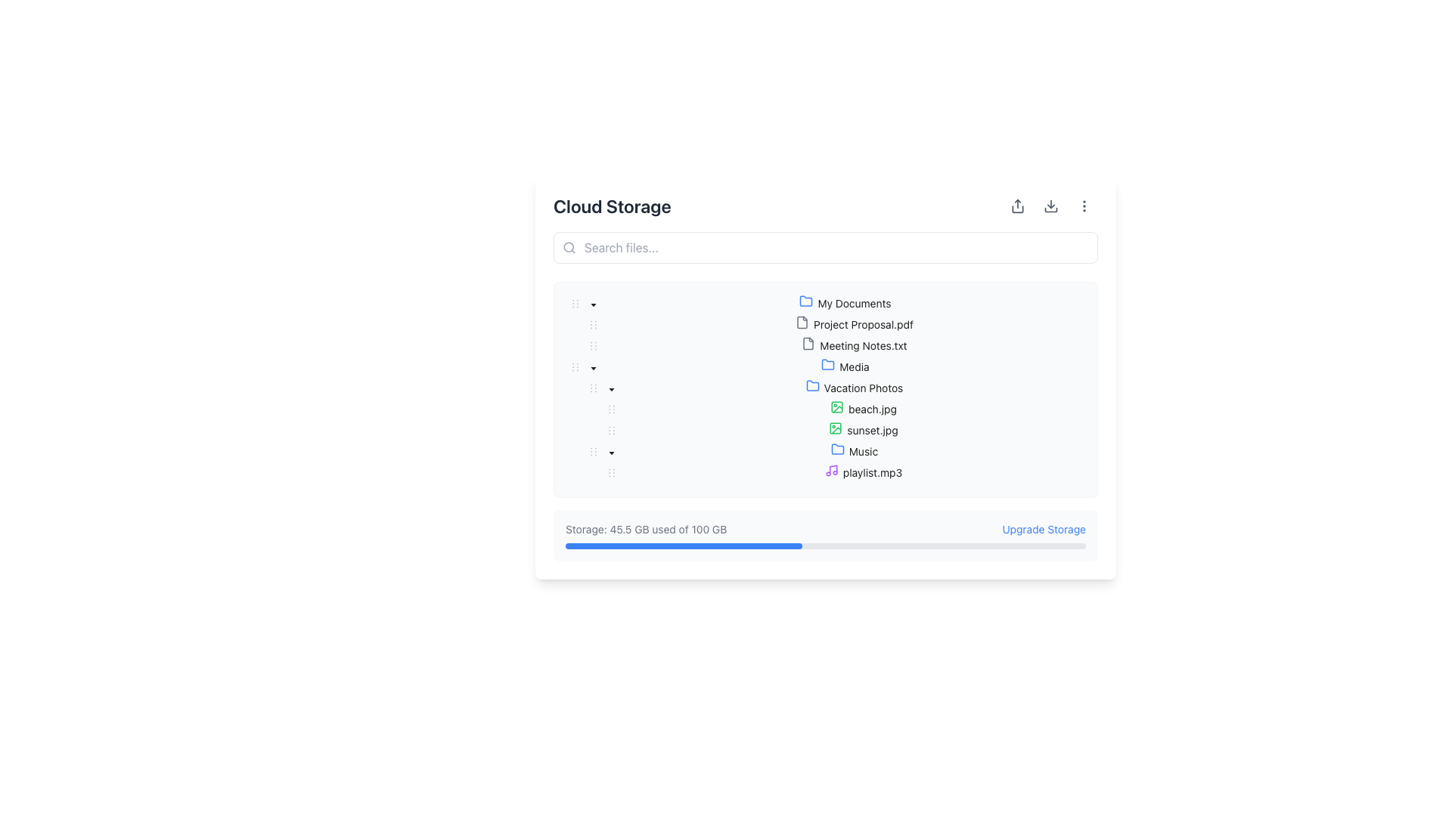 Image resolution: width=1452 pixels, height=816 pixels. What do you see at coordinates (872, 409) in the screenshot?
I see `the text label displaying the filename 'beach.jpg'` at bounding box center [872, 409].